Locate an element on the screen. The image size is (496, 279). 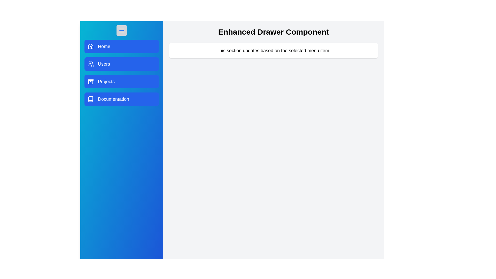
toggle button to toggle the drawer visibility is located at coordinates (121, 30).